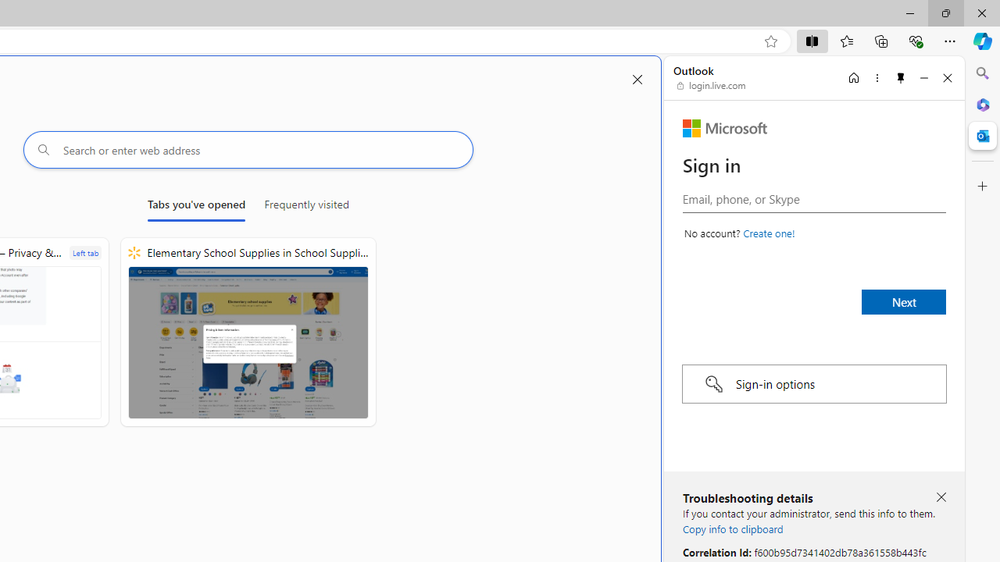 The width and height of the screenshot is (1000, 562). Describe the element at coordinates (947, 77) in the screenshot. I see `'Close'` at that location.